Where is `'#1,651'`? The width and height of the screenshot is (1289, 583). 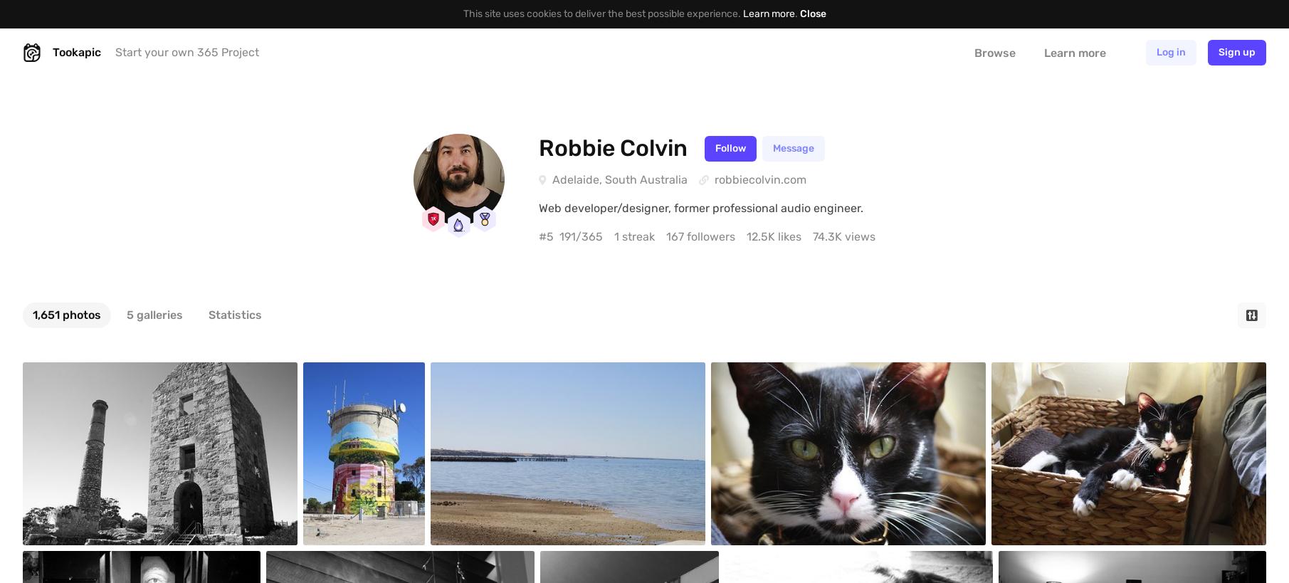 '#1,651' is located at coordinates (28, 384).